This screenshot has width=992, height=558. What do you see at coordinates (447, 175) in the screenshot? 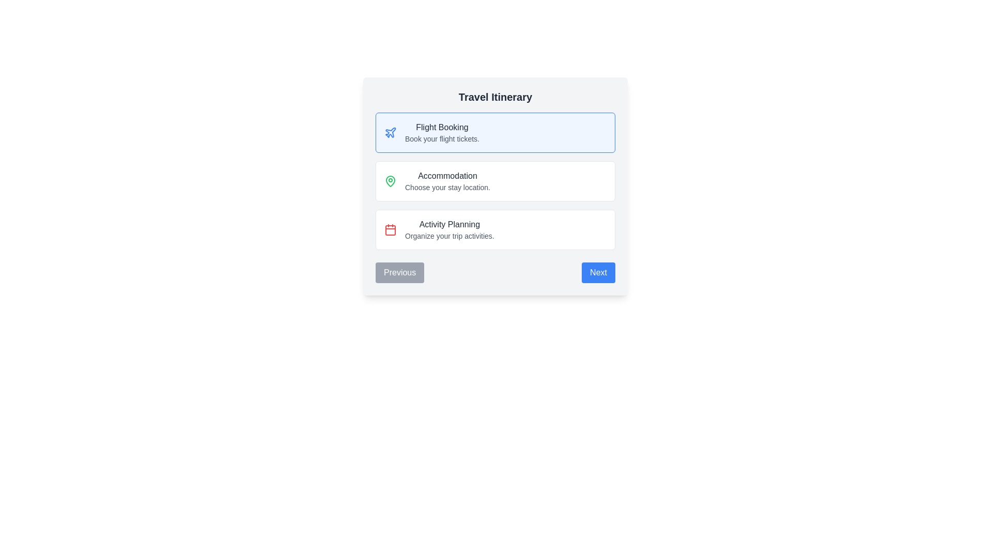
I see `the title or heading element for the accommodation options in the travel itinerary interface, which is located below 'Flight Booking' and above 'Activity Planning'` at bounding box center [447, 175].